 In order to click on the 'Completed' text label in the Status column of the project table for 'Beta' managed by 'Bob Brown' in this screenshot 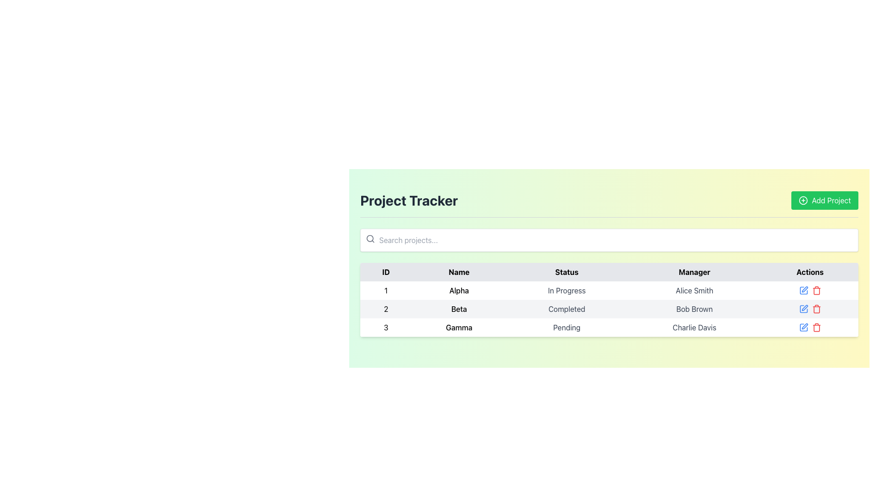, I will do `click(566, 309)`.